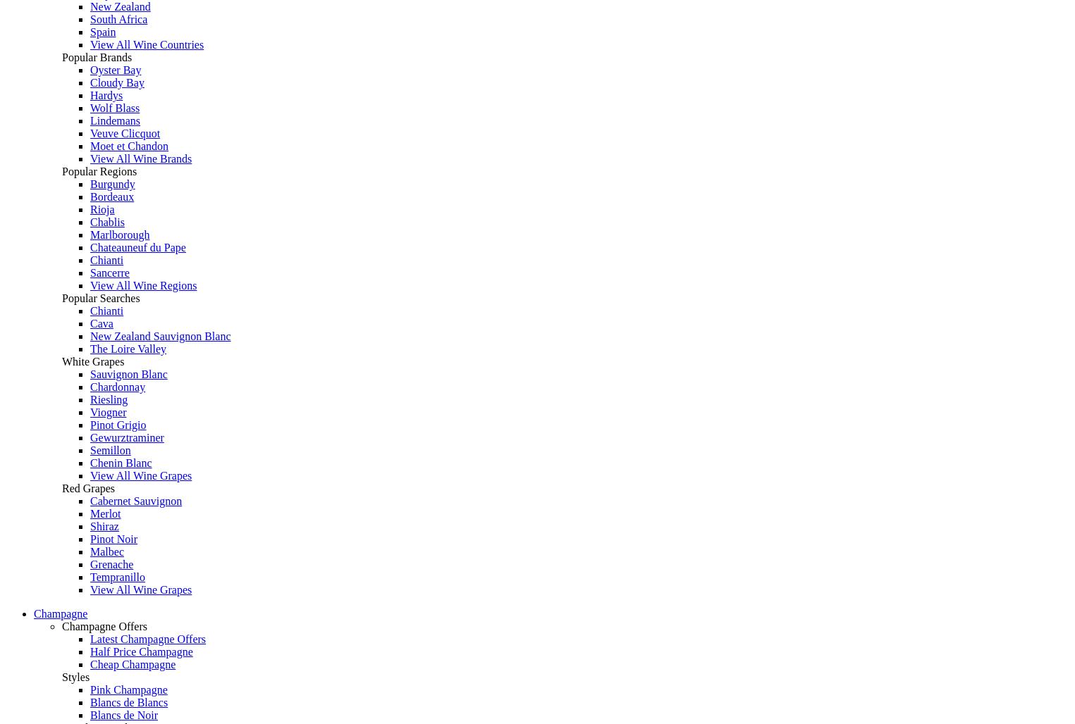 The image size is (1075, 724). What do you see at coordinates (143, 285) in the screenshot?
I see `'View All Wine Regions'` at bounding box center [143, 285].